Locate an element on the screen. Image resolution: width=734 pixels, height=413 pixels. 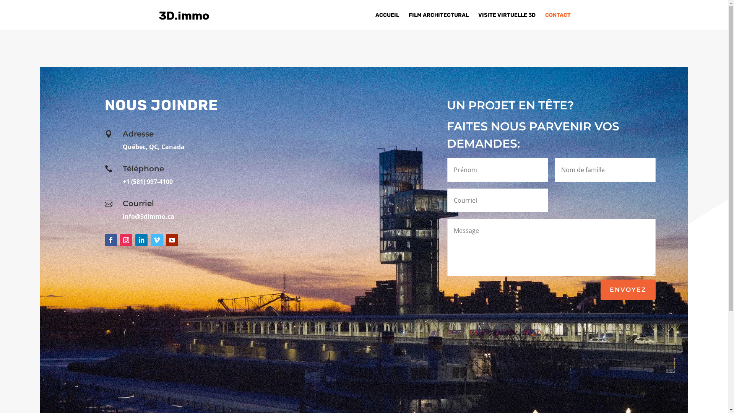
'VISITE VIRTUELLE 3D' is located at coordinates (506, 21).